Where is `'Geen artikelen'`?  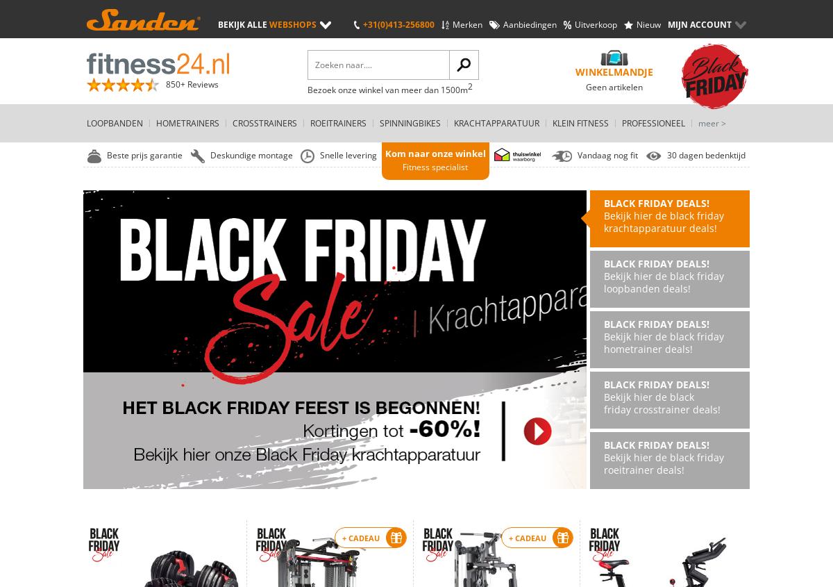 'Geen artikelen' is located at coordinates (614, 87).